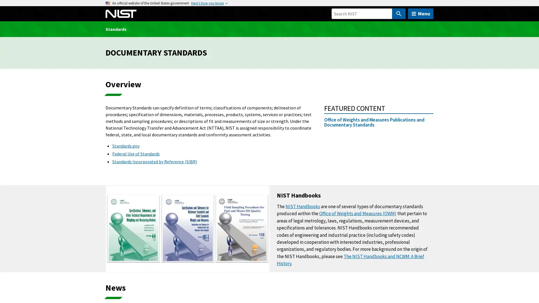 This screenshot has width=539, height=303. What do you see at coordinates (421, 13) in the screenshot?
I see `Menu` at bounding box center [421, 13].